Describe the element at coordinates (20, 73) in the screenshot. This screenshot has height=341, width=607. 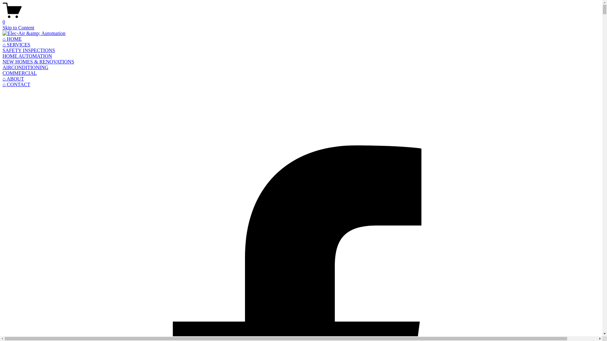
I see `'COMMERCIAL'` at that location.